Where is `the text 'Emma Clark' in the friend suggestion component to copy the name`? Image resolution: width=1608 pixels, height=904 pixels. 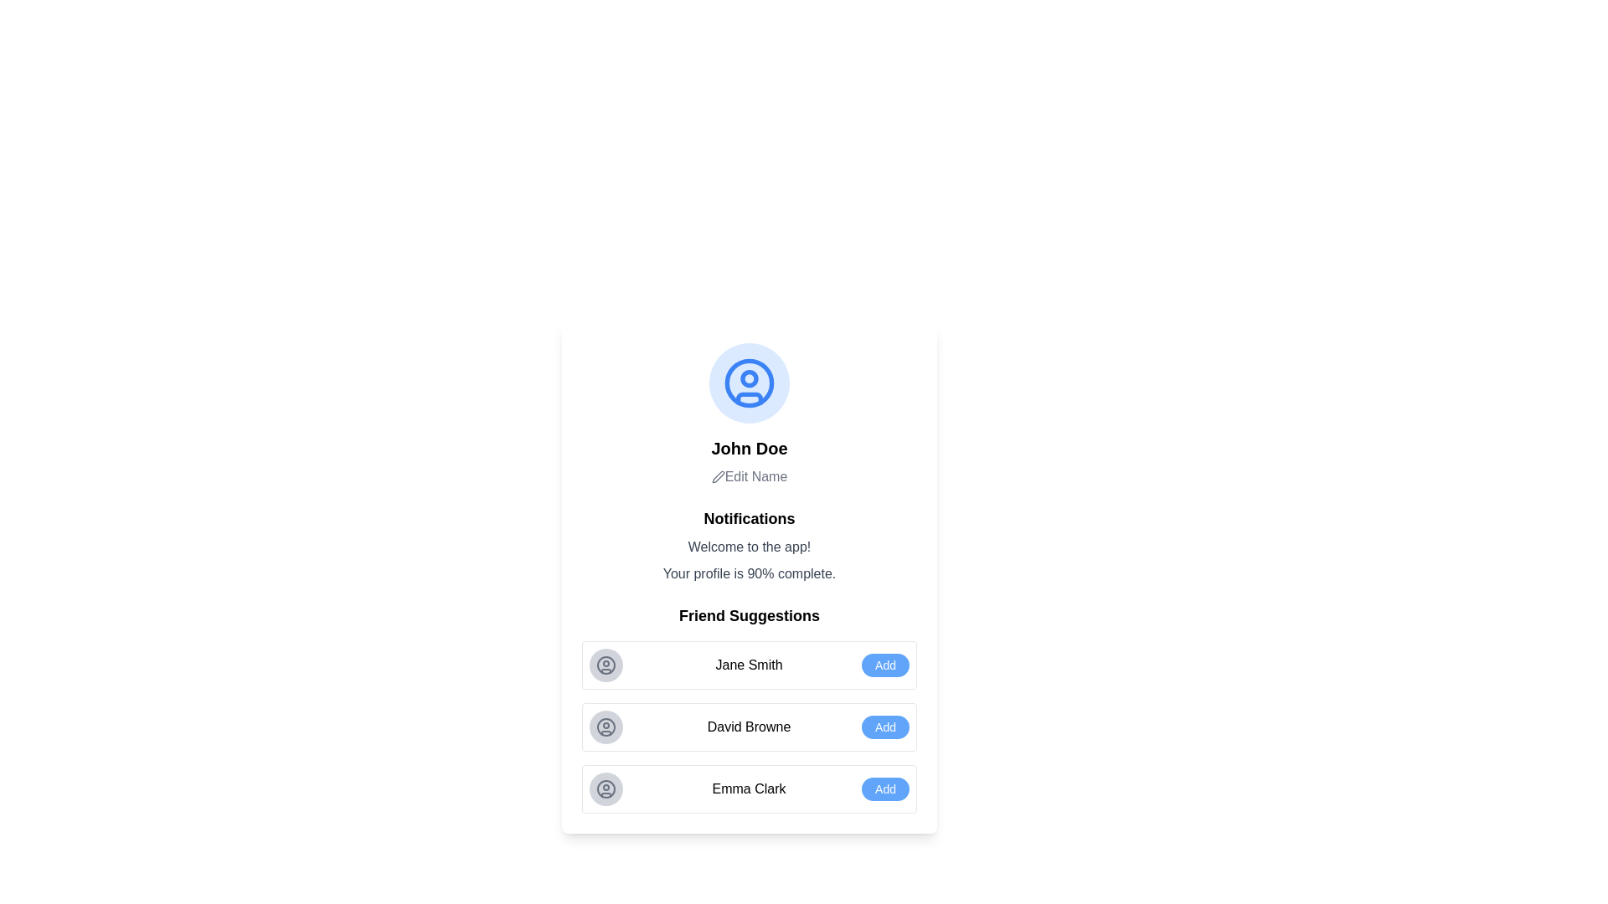 the text 'Emma Clark' in the friend suggestion component to copy the name is located at coordinates (748, 788).